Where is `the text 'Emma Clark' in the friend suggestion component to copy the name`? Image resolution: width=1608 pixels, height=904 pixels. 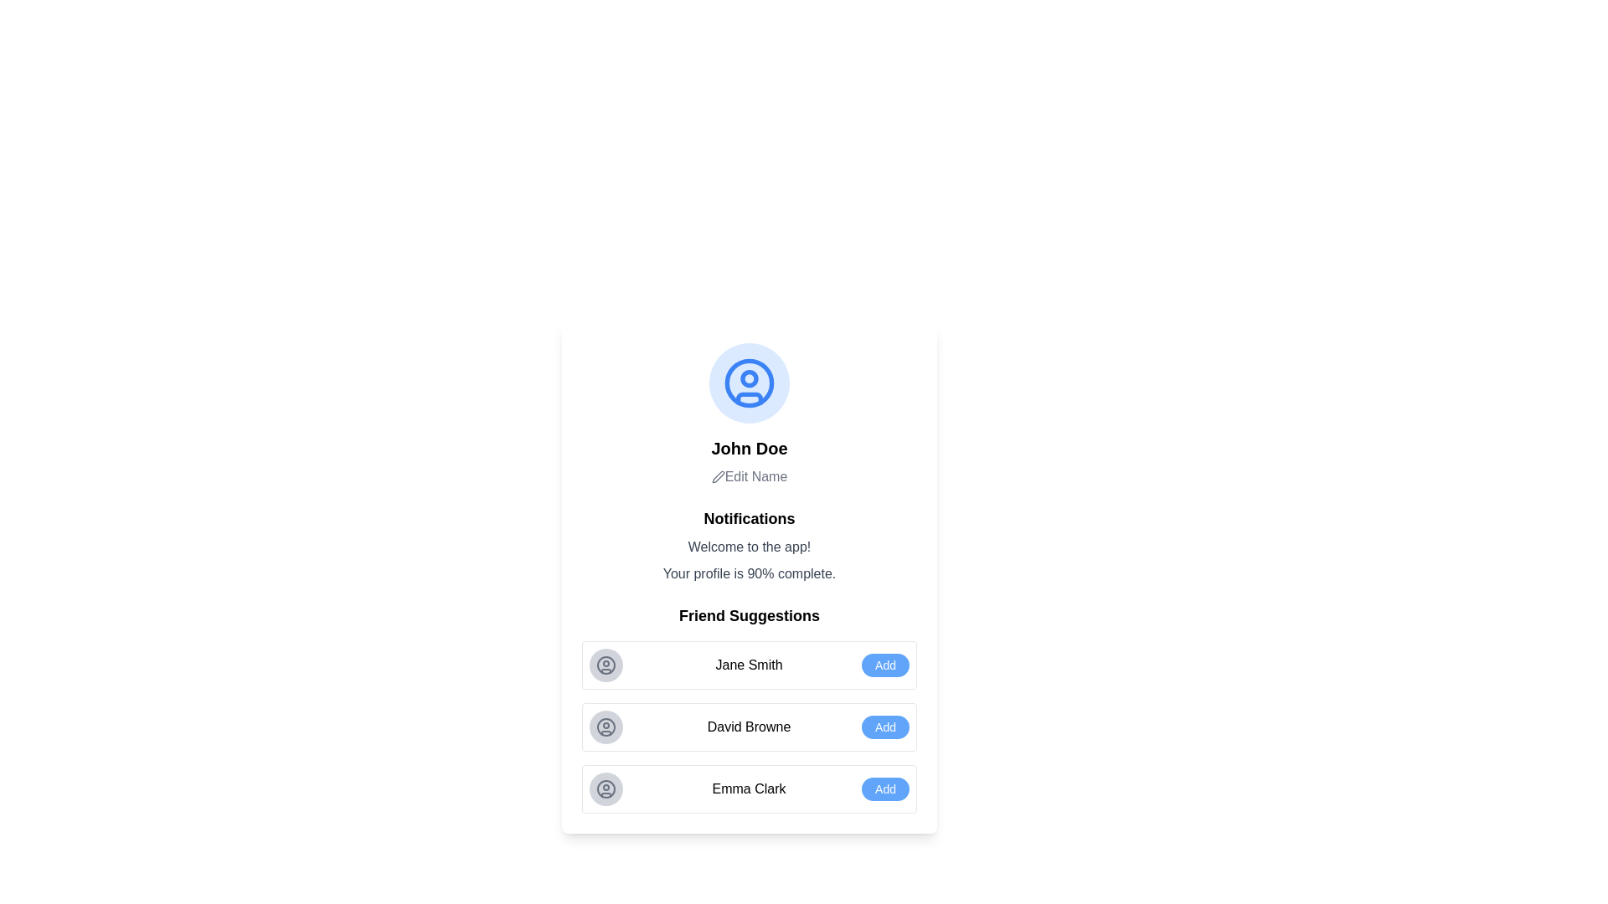 the text 'Emma Clark' in the friend suggestion component to copy the name is located at coordinates (748, 788).